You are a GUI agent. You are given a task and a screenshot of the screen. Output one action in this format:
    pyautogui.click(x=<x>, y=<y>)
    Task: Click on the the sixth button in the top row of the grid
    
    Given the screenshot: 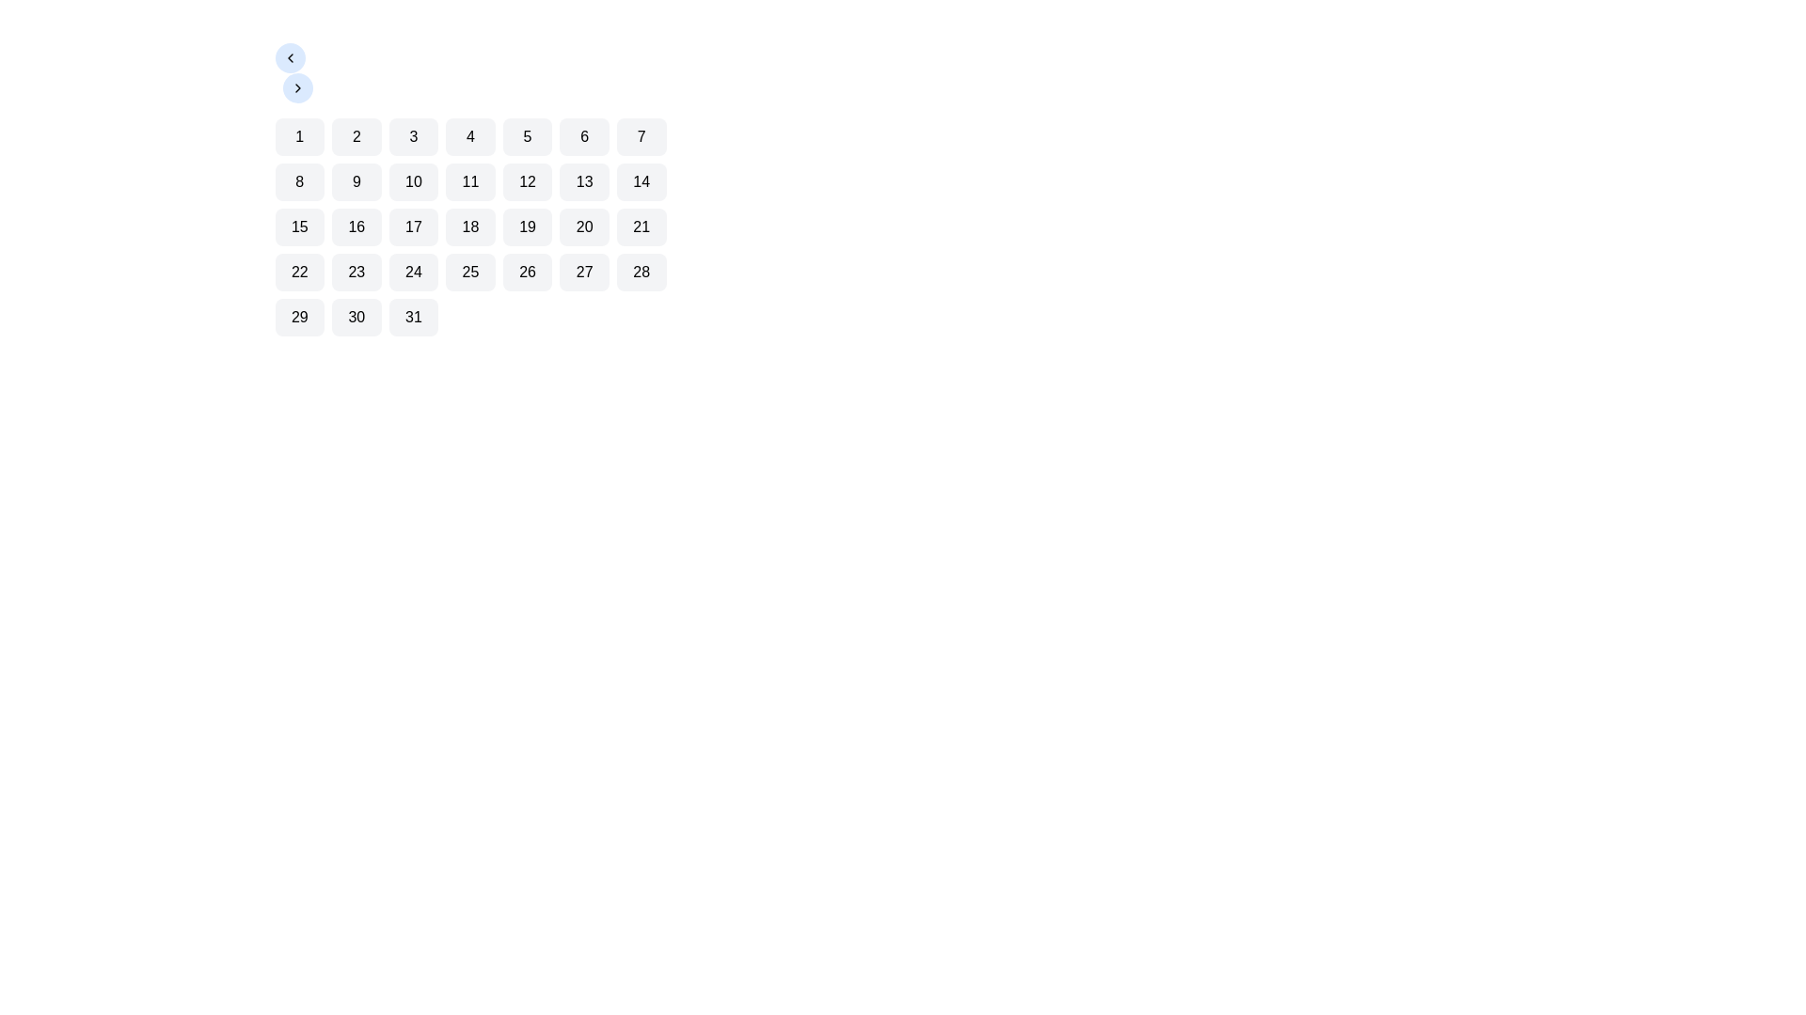 What is the action you would take?
    pyautogui.click(x=583, y=136)
    